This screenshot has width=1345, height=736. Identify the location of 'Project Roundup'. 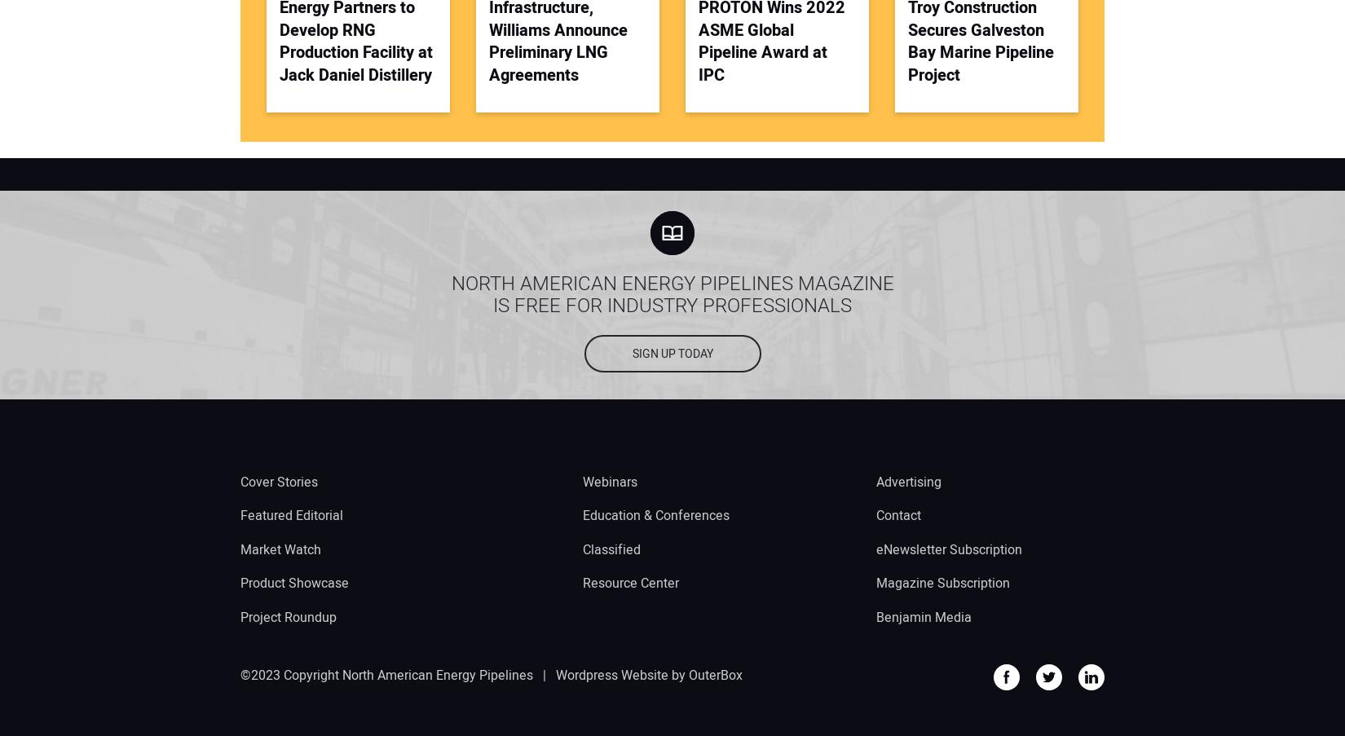
(288, 616).